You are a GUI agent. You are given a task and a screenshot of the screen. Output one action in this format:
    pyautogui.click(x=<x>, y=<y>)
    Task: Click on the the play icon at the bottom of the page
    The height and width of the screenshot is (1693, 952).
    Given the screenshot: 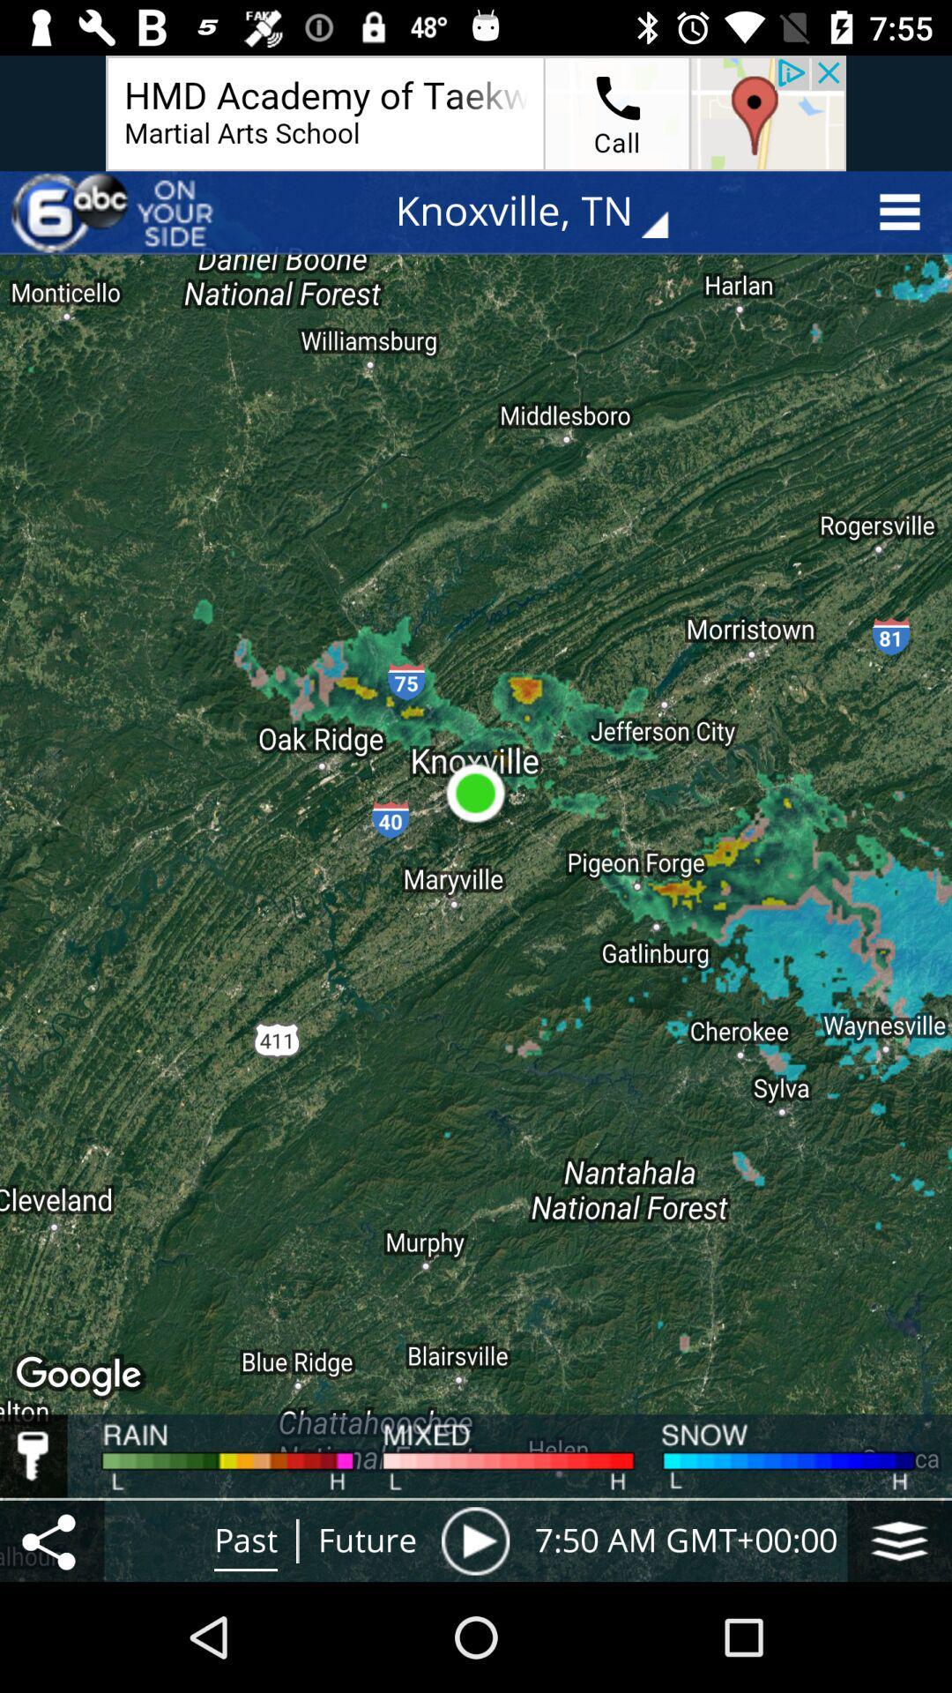 What is the action you would take?
    pyautogui.click(x=476, y=1540)
    